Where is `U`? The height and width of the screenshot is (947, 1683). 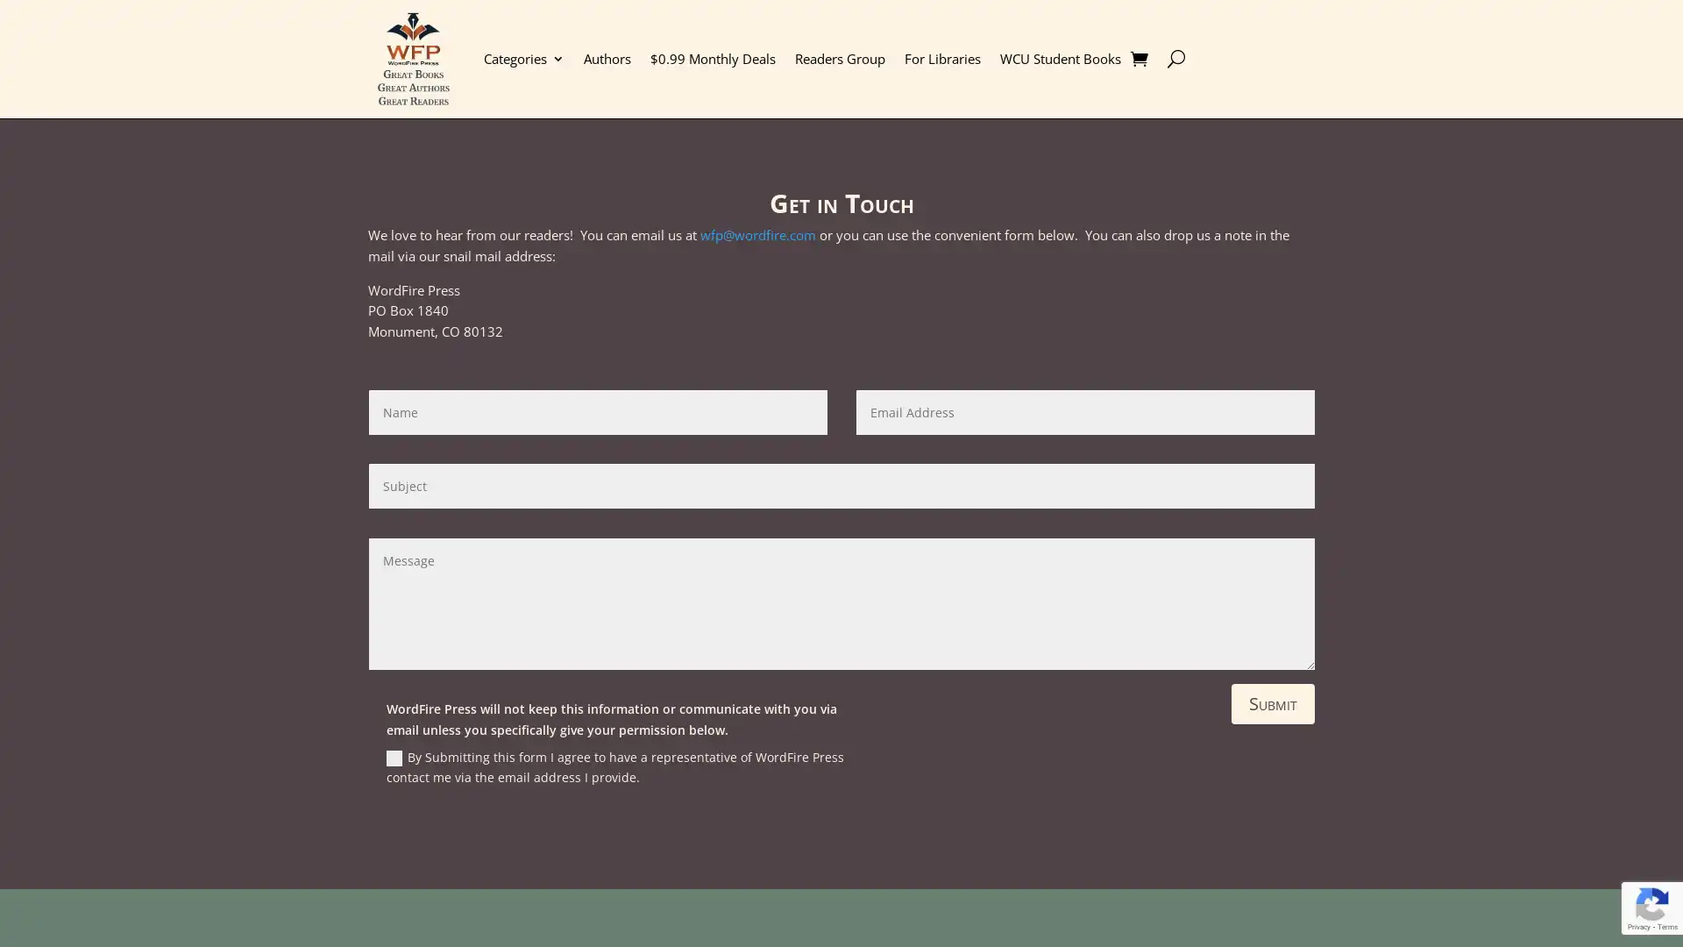 U is located at coordinates (1175, 57).